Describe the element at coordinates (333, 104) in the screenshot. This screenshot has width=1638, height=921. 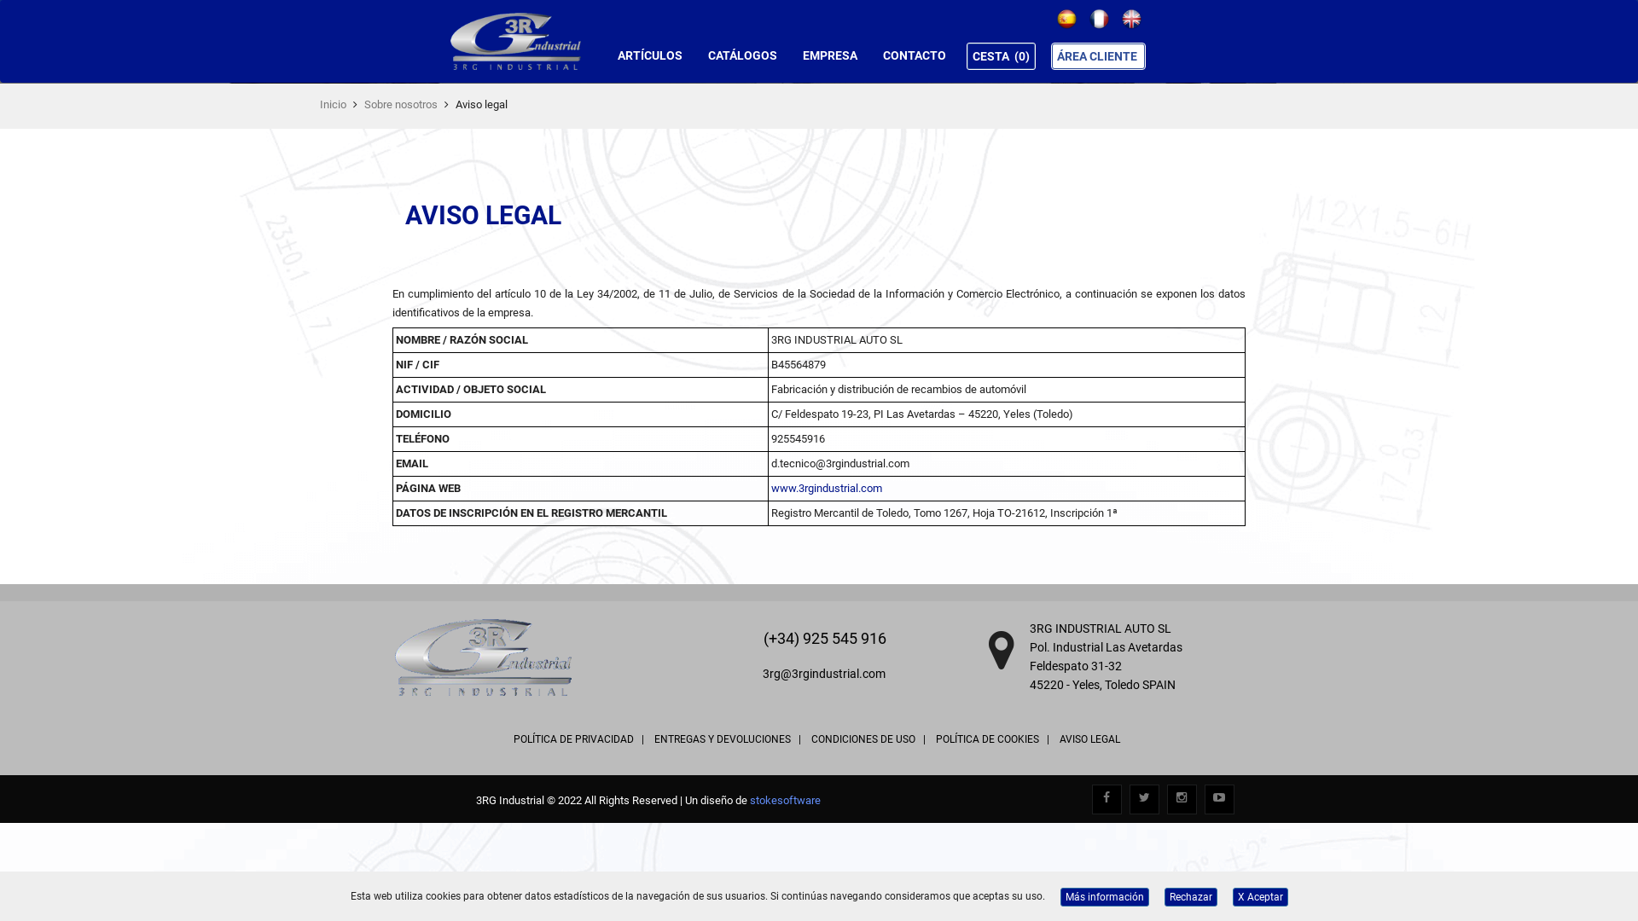
I see `'Inicio'` at that location.